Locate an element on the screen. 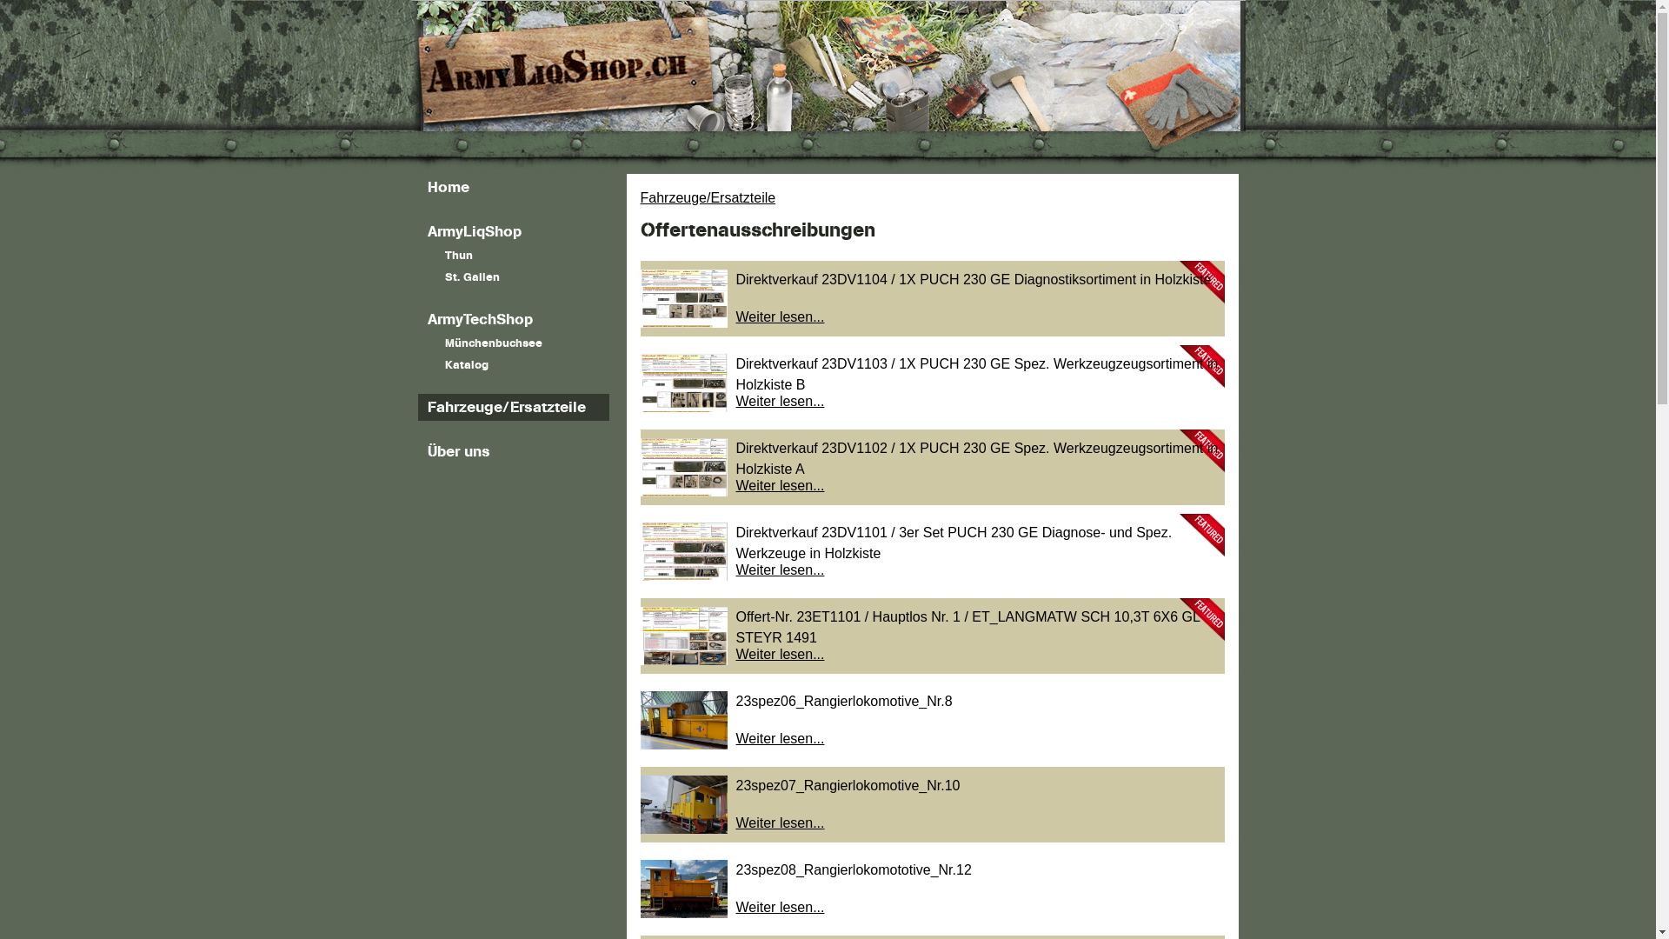 Image resolution: width=1669 pixels, height=939 pixels. 'Thun' is located at coordinates (512, 256).